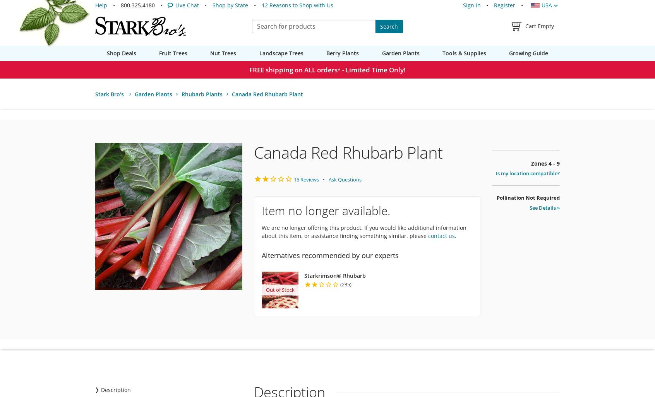 This screenshot has width=655, height=397. Describe the element at coordinates (548, 163) in the screenshot. I see `'4 - 9'` at that location.